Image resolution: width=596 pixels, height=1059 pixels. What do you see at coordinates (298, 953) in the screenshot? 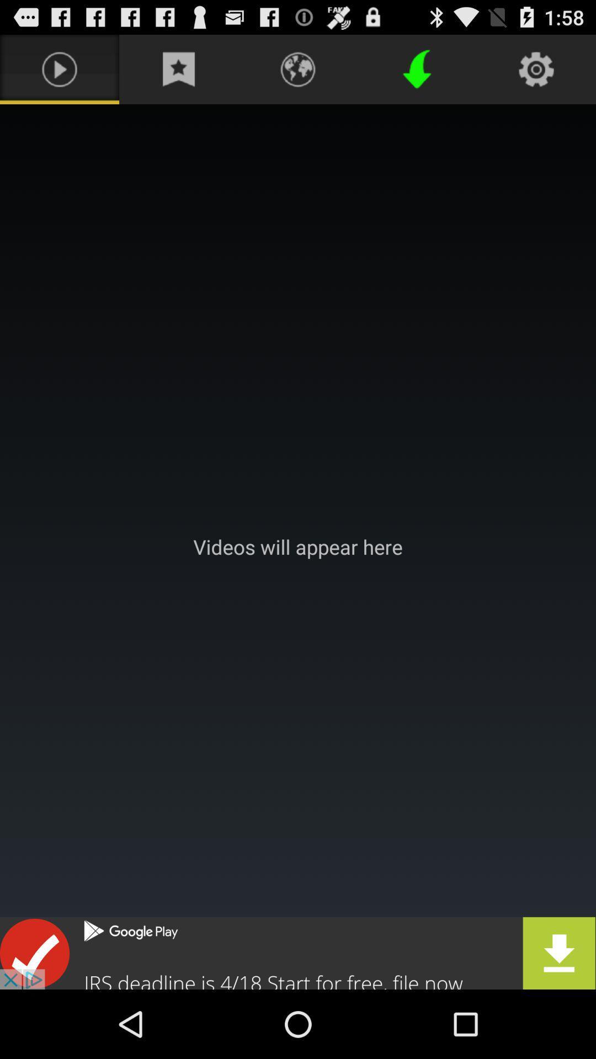
I see `advertisement page` at bounding box center [298, 953].